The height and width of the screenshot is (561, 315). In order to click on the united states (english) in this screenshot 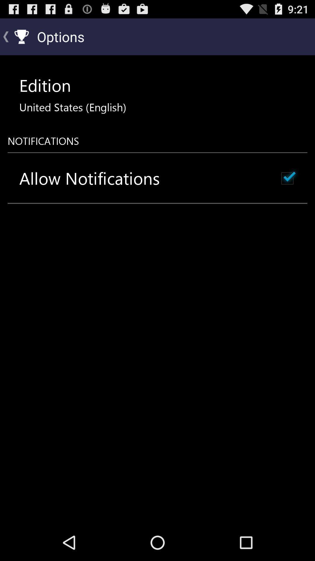, I will do `click(72, 107)`.